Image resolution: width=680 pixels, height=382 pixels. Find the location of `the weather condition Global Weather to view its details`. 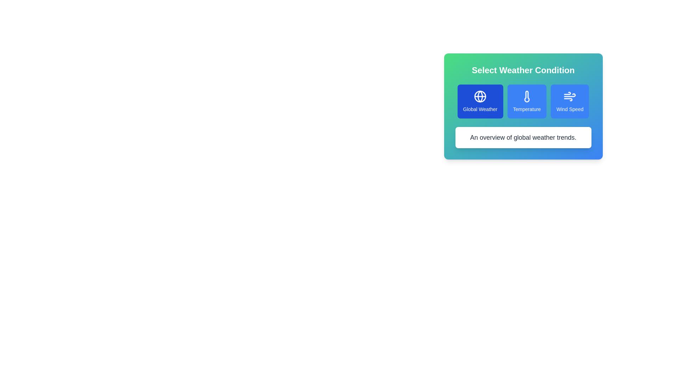

the weather condition Global Weather to view its details is located at coordinates (480, 101).